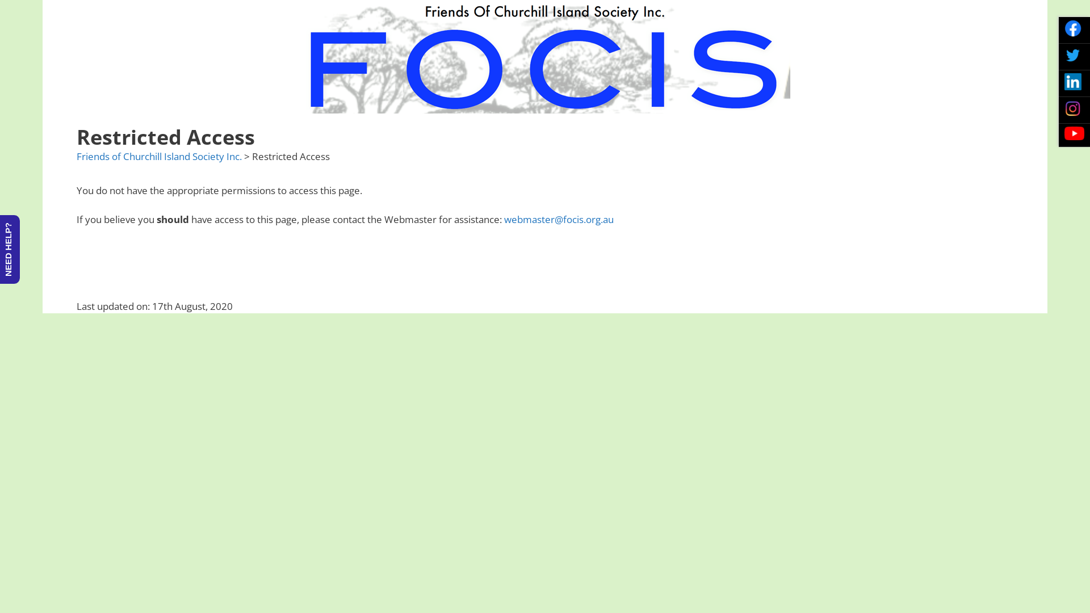 The image size is (1090, 613). What do you see at coordinates (1072, 81) in the screenshot?
I see `'LinkedIn'` at bounding box center [1072, 81].